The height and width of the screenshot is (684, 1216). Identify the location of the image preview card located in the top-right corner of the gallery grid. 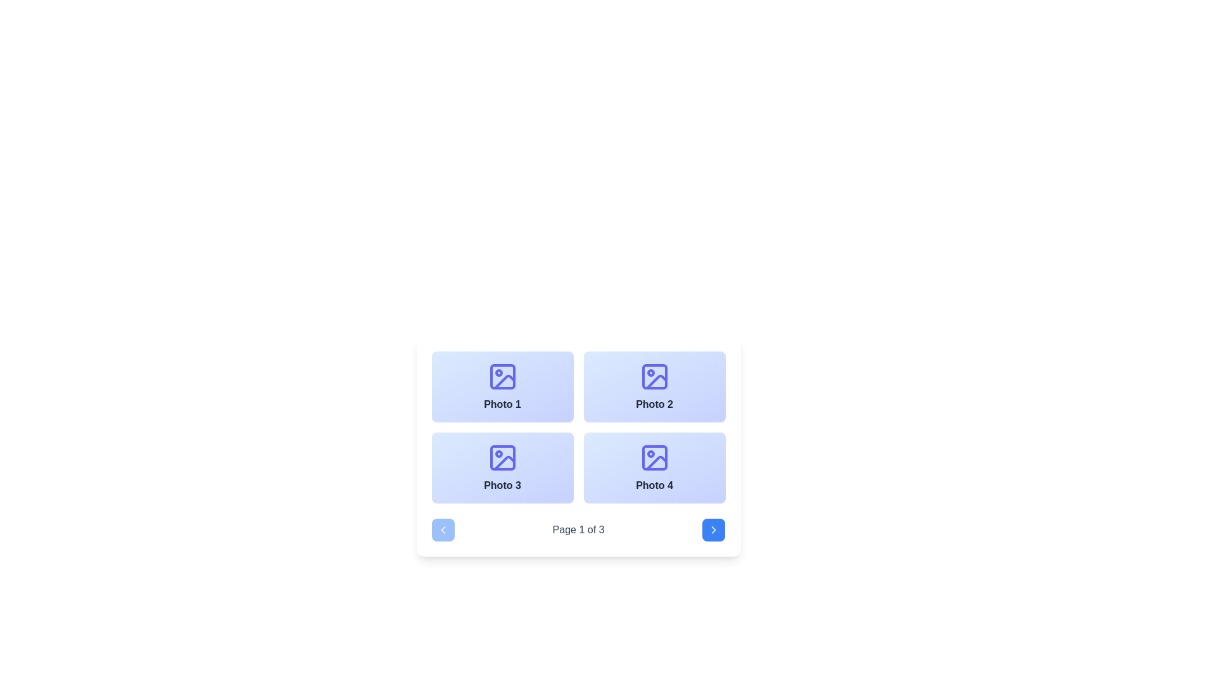
(654, 386).